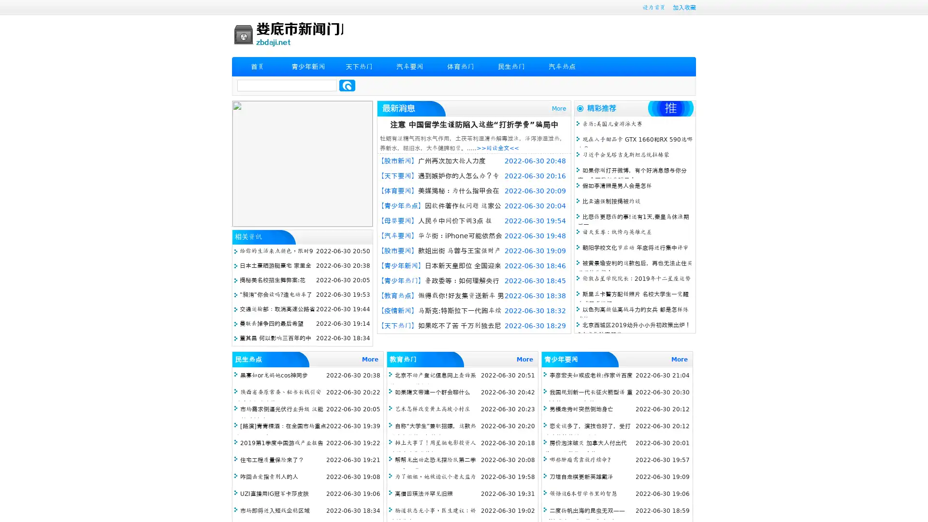  Describe the element at coordinates (347, 85) in the screenshot. I see `Search` at that location.